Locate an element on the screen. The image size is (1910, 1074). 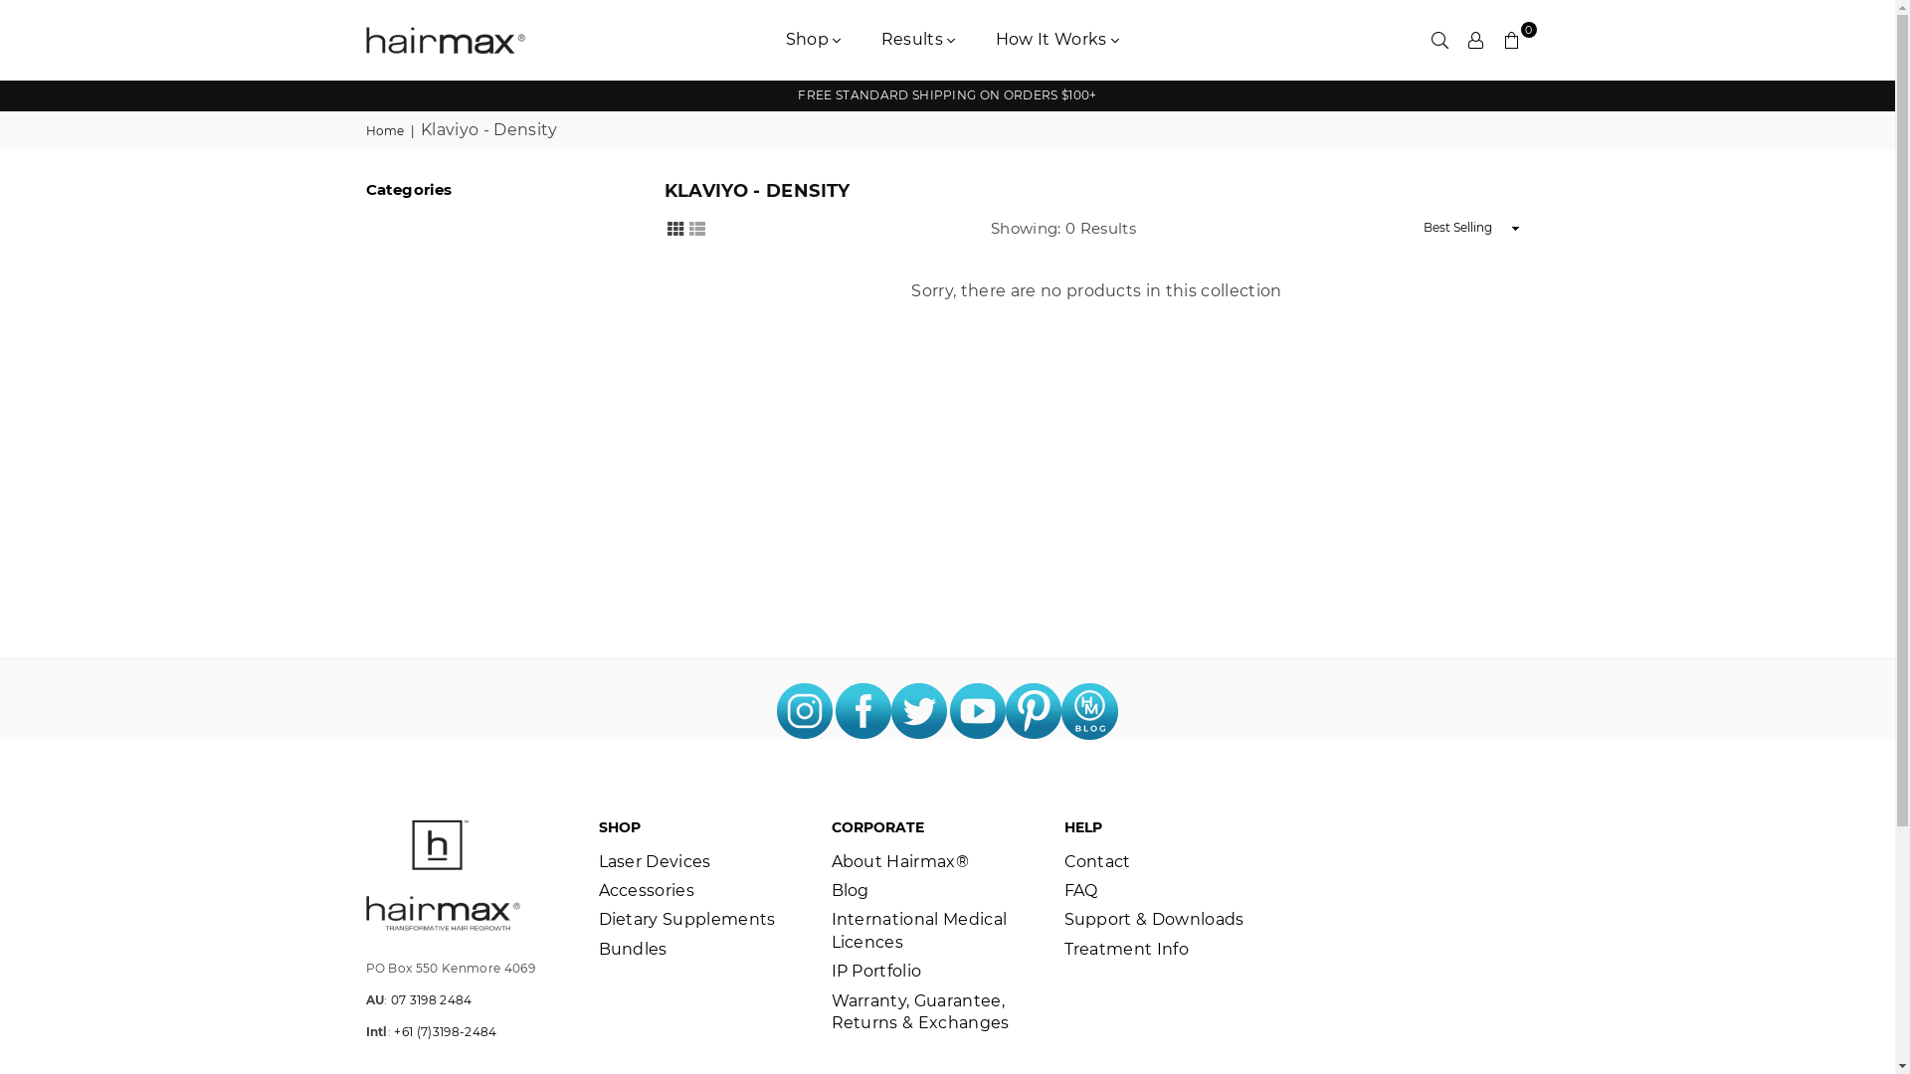
'How It Works' is located at coordinates (1056, 39).